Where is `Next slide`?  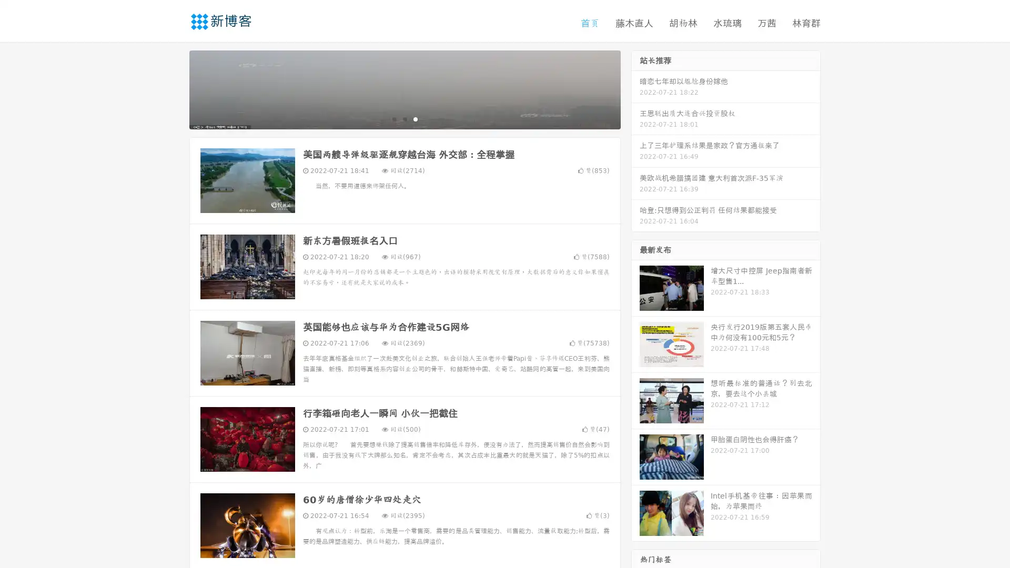 Next slide is located at coordinates (635, 88).